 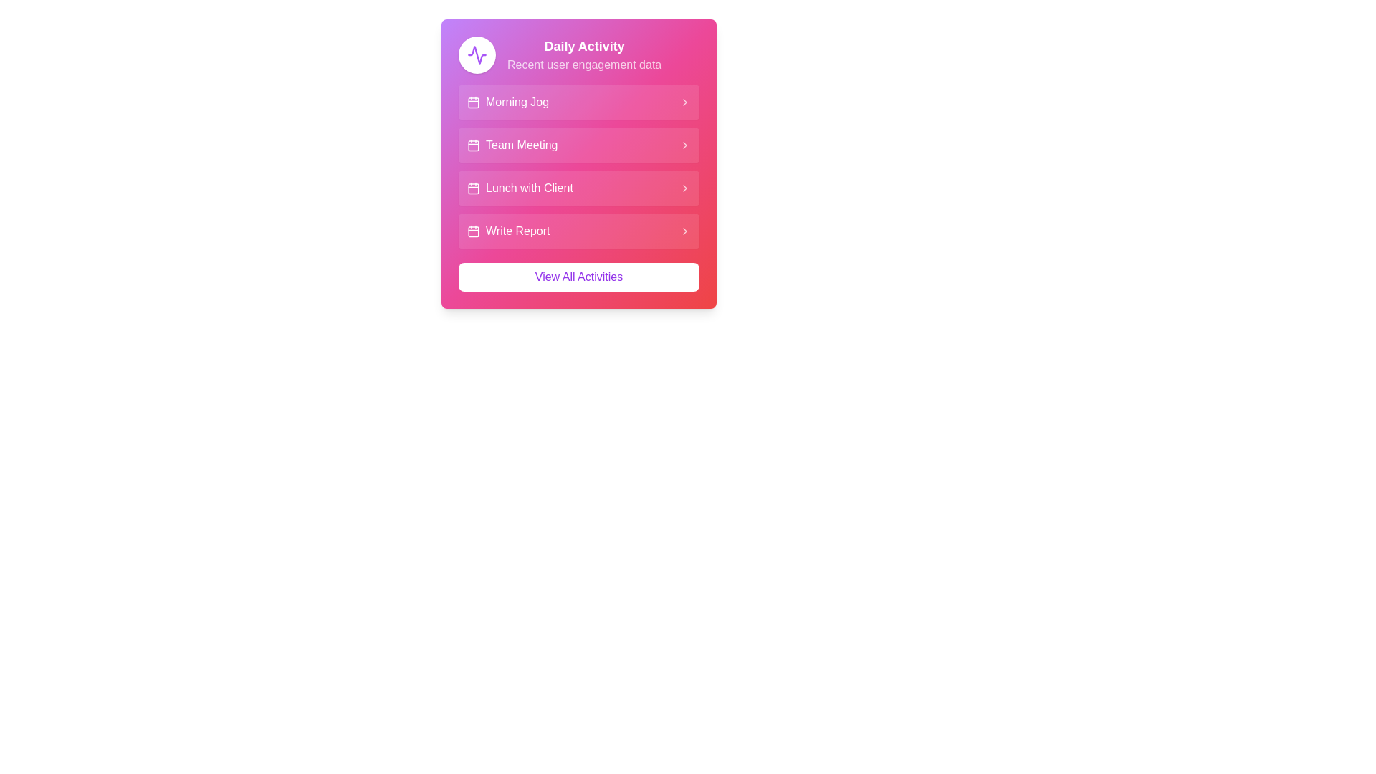 What do you see at coordinates (474, 145) in the screenshot?
I see `the calendar icon located in the second row of the 'Daily Activity' card widget, which visually represents scheduling information next to the 'Team Meeting' text` at bounding box center [474, 145].